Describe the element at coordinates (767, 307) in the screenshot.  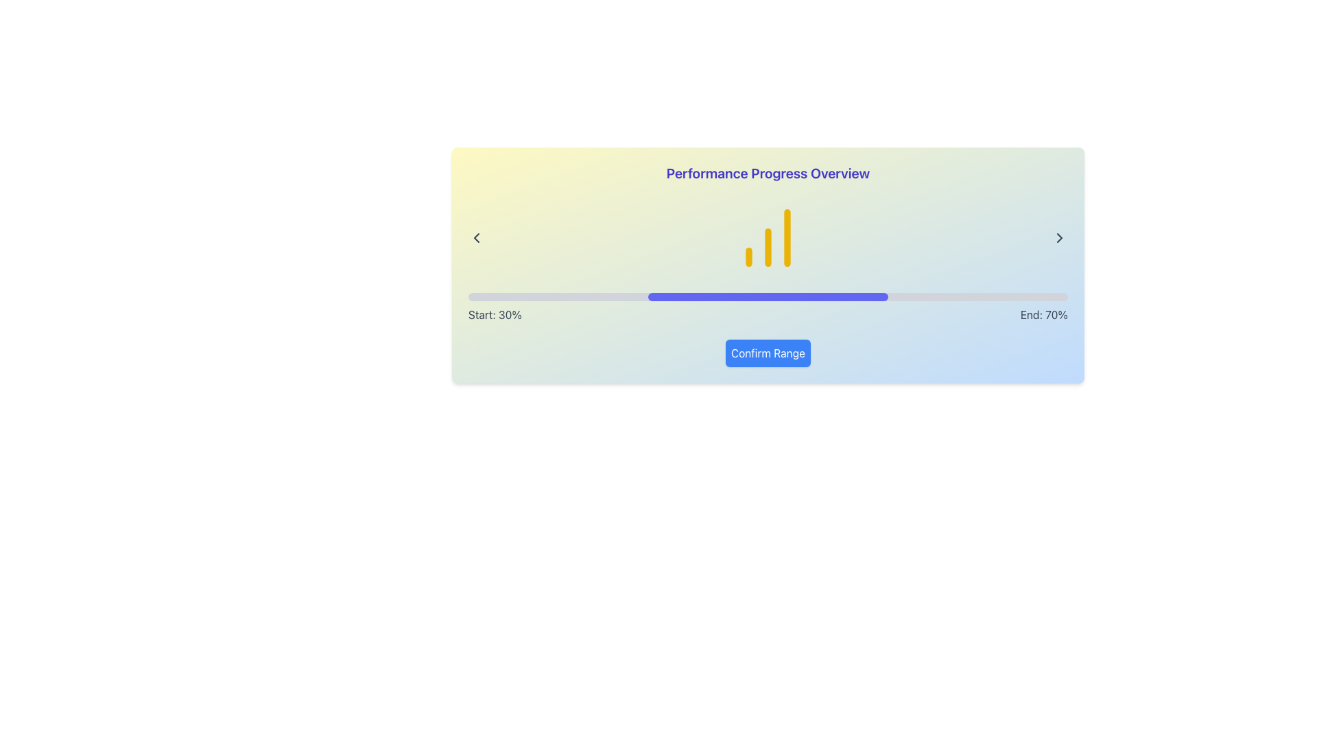
I see `percentage labels 'Start: 30%' and 'End: 70%' on the combined UI component consisting of a progress bar and textual labels located below the title 'Performance Progress Overview'` at that location.